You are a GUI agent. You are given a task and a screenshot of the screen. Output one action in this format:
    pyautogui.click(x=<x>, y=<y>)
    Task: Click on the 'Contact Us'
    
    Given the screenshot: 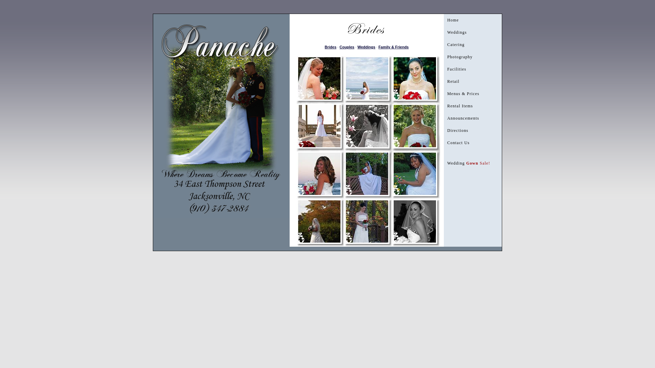 What is the action you would take?
    pyautogui.click(x=472, y=142)
    